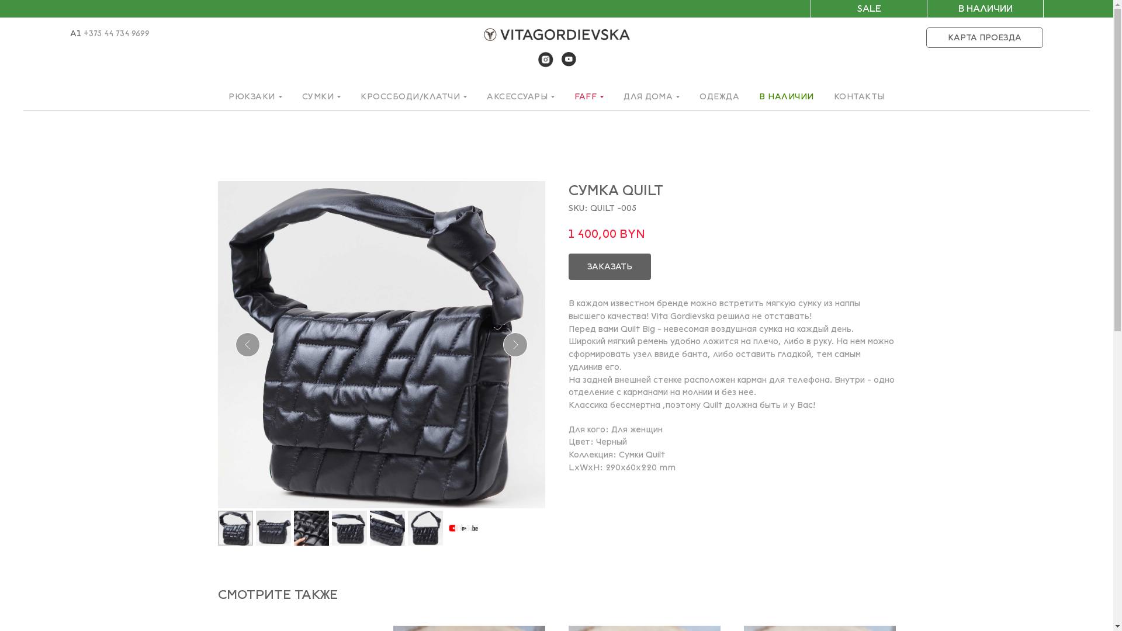 The image size is (1122, 631). What do you see at coordinates (589, 96) in the screenshot?
I see `'FAFF'` at bounding box center [589, 96].